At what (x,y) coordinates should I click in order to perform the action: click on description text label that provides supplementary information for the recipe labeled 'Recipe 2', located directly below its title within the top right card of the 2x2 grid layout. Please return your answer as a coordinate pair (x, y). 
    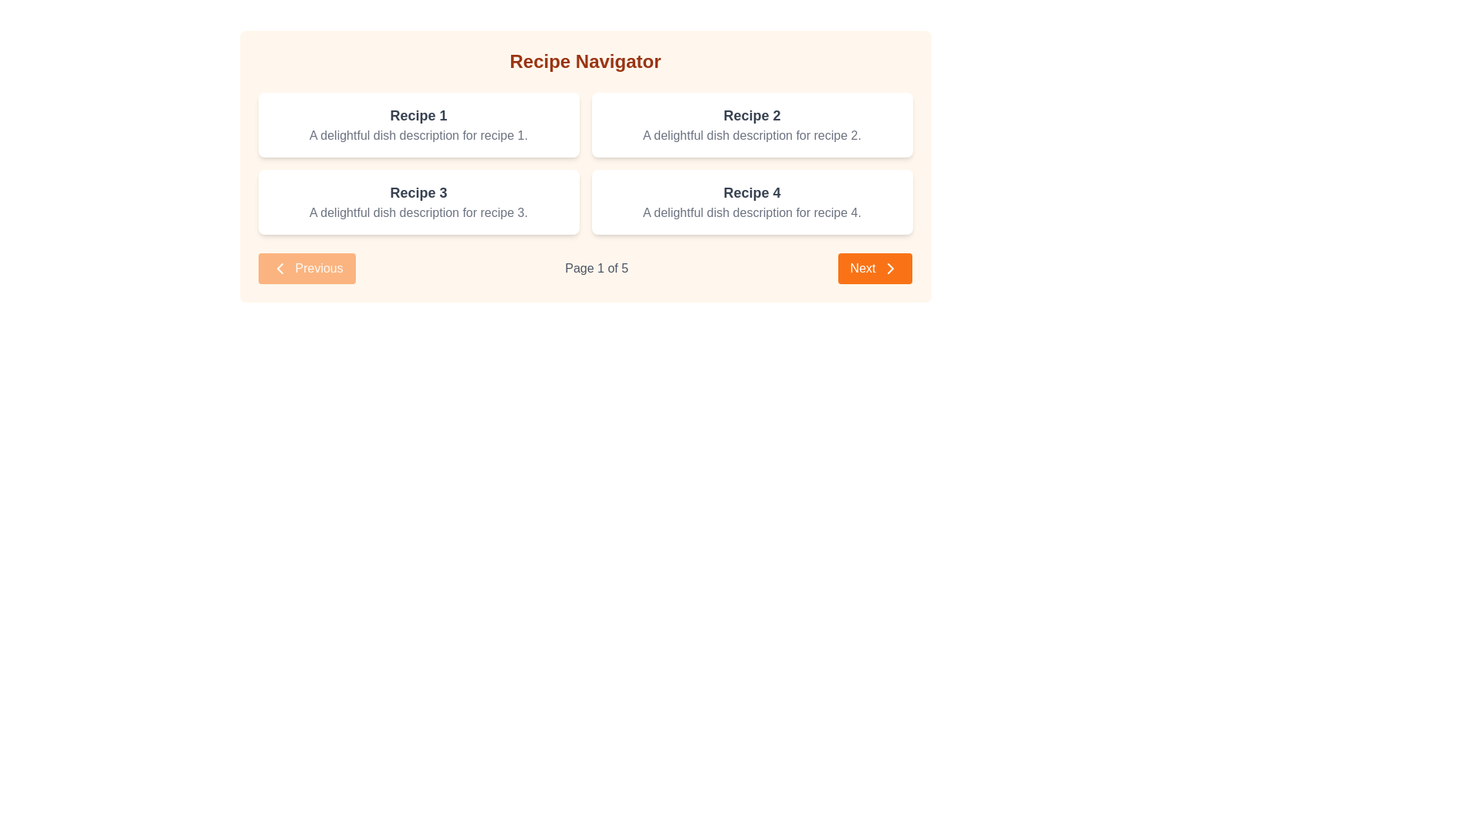
    Looking at the image, I should click on (752, 135).